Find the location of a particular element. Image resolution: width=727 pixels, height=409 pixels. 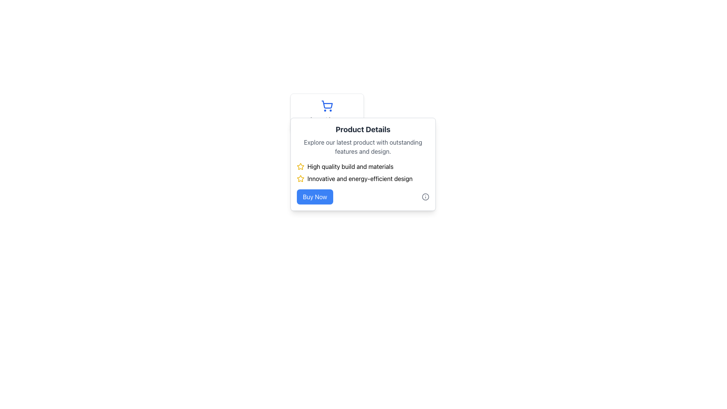

the rectangular 'Buy Now' button with rounded corners, styled in blue, to observe the hover effect is located at coordinates (315, 197).